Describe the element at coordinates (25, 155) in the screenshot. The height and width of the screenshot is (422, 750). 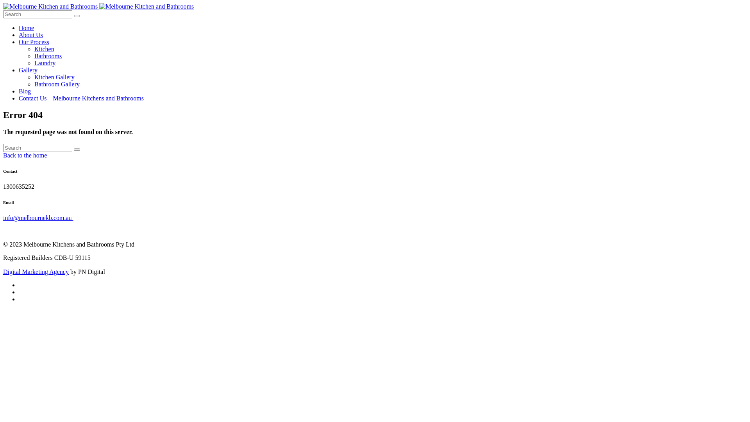
I see `'Back to the home'` at that location.